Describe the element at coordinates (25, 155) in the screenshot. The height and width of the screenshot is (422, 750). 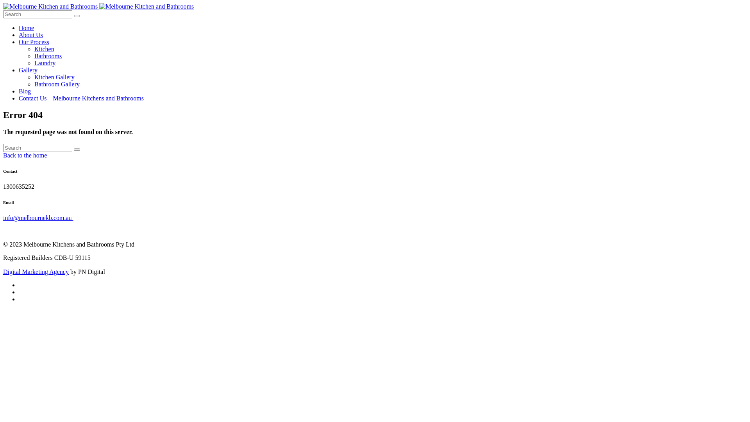
I see `'Back to the home'` at that location.